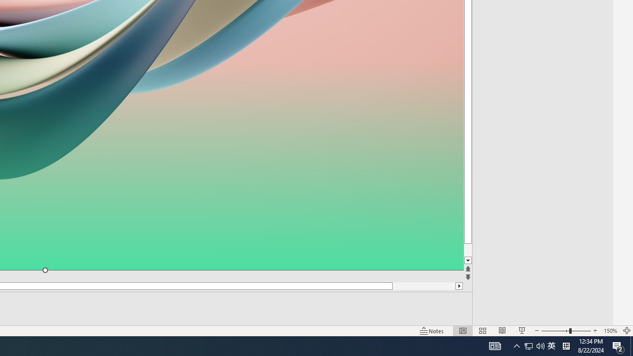 The width and height of the screenshot is (633, 356). I want to click on 'Tray Input Indicator - Chinese (Simplified, China)', so click(566, 345).